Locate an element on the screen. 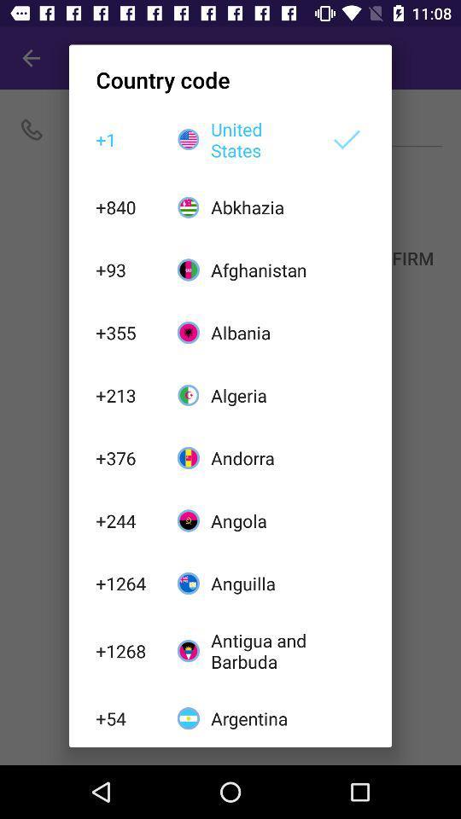 The height and width of the screenshot is (819, 461). +93 is located at coordinates (126, 270).